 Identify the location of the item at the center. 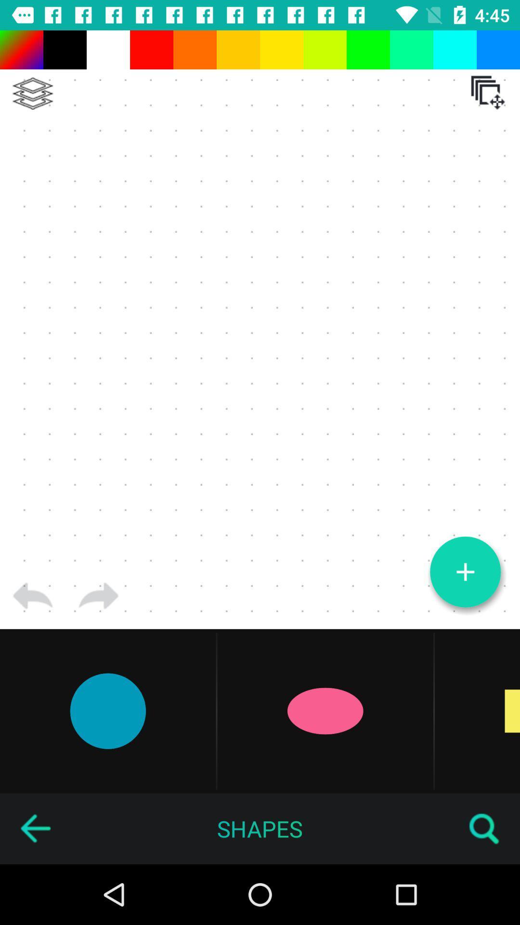
(260, 330).